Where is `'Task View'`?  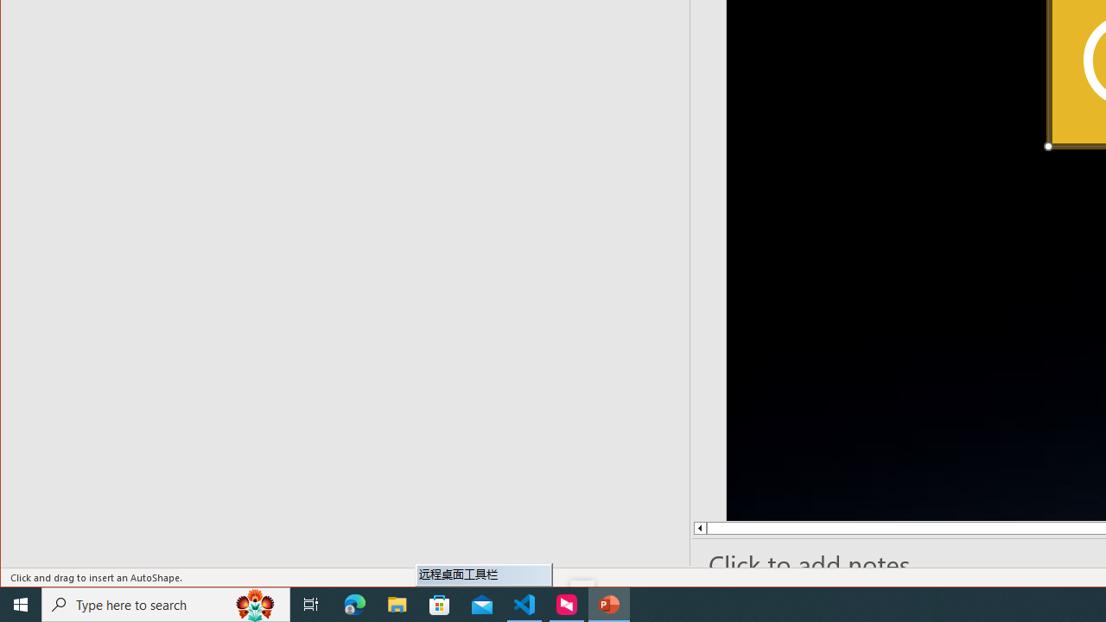 'Task View' is located at coordinates (310, 603).